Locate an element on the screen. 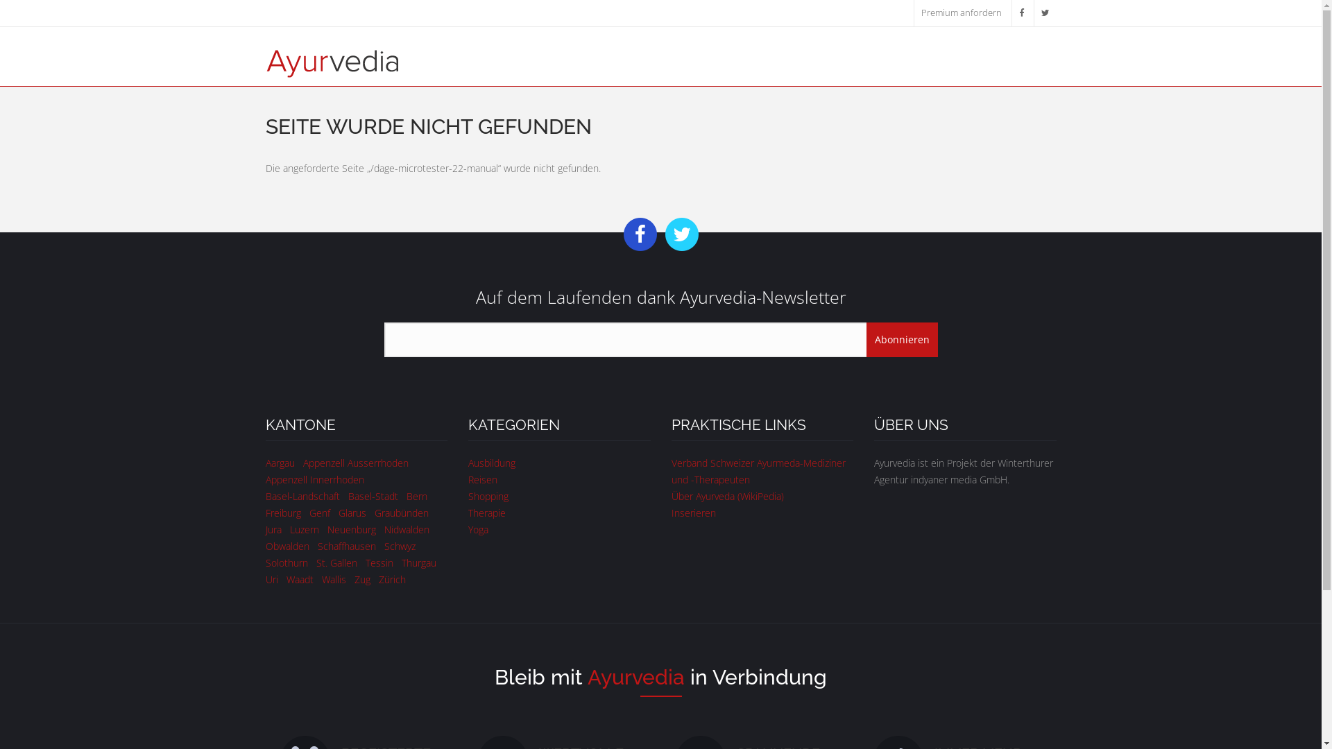 The width and height of the screenshot is (1332, 749). 'Appenzell Ausserrhoden' is located at coordinates (355, 463).